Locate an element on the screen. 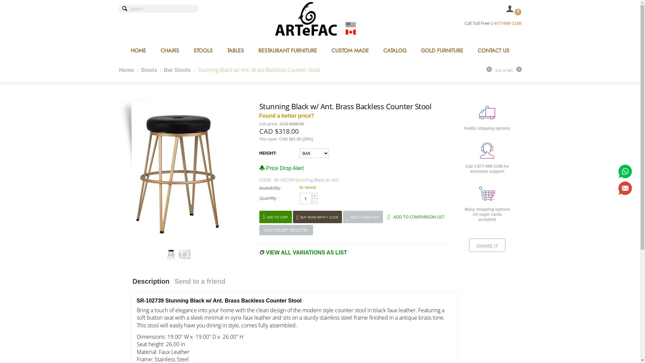 This screenshot has height=363, width=645. 'Home' is located at coordinates (126, 70).